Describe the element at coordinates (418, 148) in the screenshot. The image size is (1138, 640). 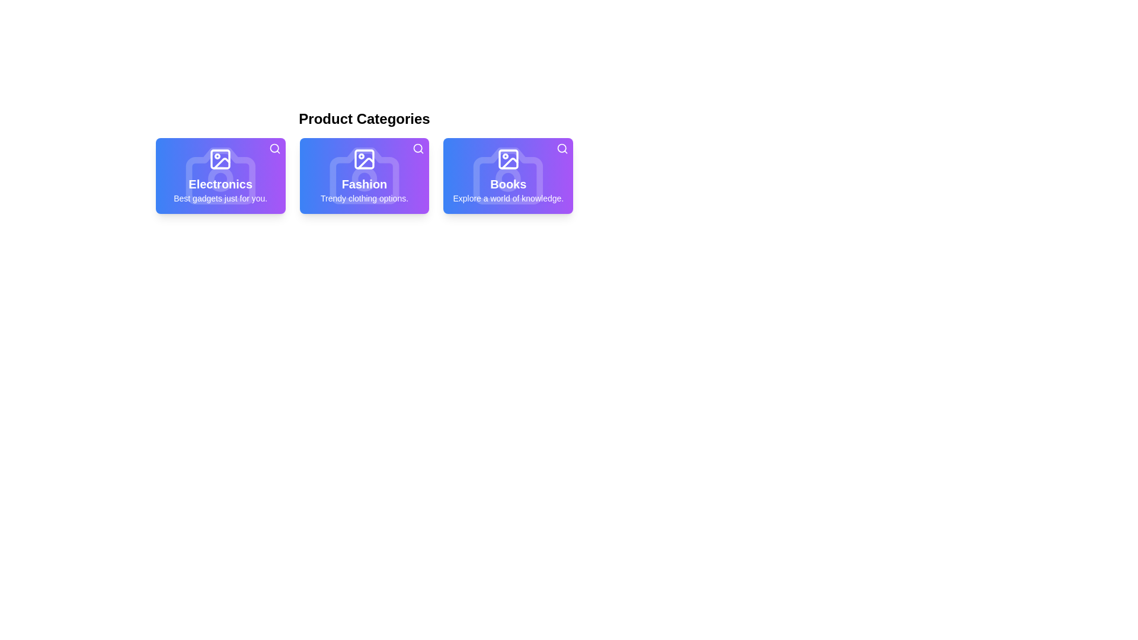
I see `the circular icon representing a magnifying glass located in the top-right corner of the 'Fashion' card` at that location.